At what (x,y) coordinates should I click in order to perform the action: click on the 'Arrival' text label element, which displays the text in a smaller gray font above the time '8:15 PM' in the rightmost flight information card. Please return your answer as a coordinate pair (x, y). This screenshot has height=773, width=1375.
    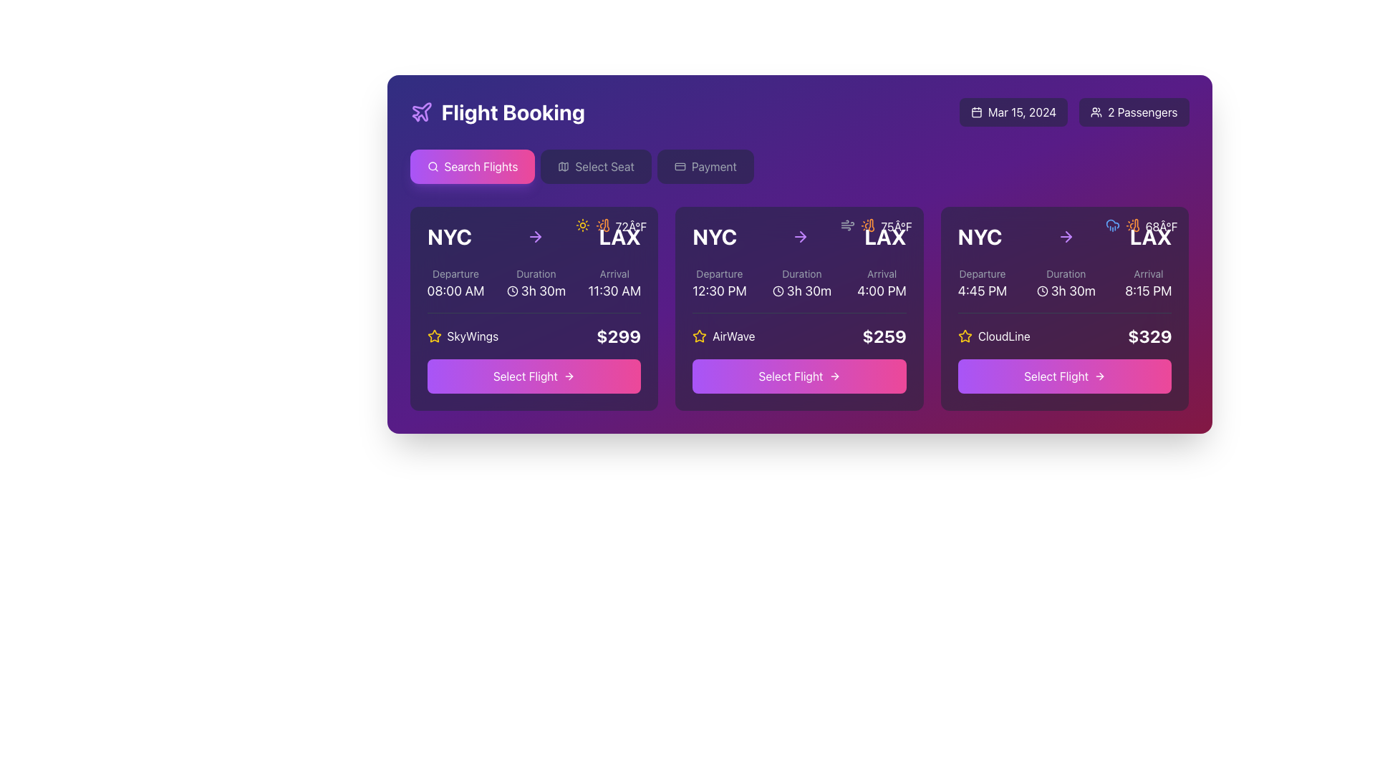
    Looking at the image, I should click on (1148, 273).